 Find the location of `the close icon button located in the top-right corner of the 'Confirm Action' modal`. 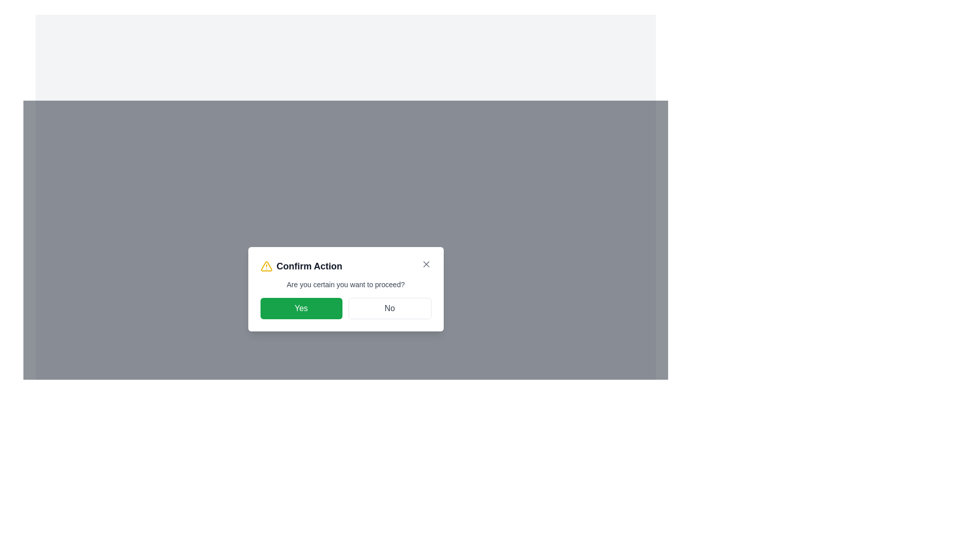

the close icon button located in the top-right corner of the 'Confirm Action' modal is located at coordinates (426, 264).